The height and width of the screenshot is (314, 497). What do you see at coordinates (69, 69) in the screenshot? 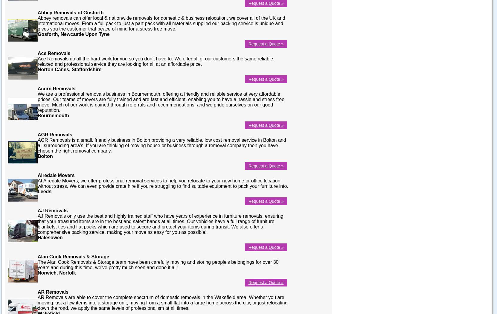
I see `'Norton Canes, Staffordshire'` at bounding box center [69, 69].